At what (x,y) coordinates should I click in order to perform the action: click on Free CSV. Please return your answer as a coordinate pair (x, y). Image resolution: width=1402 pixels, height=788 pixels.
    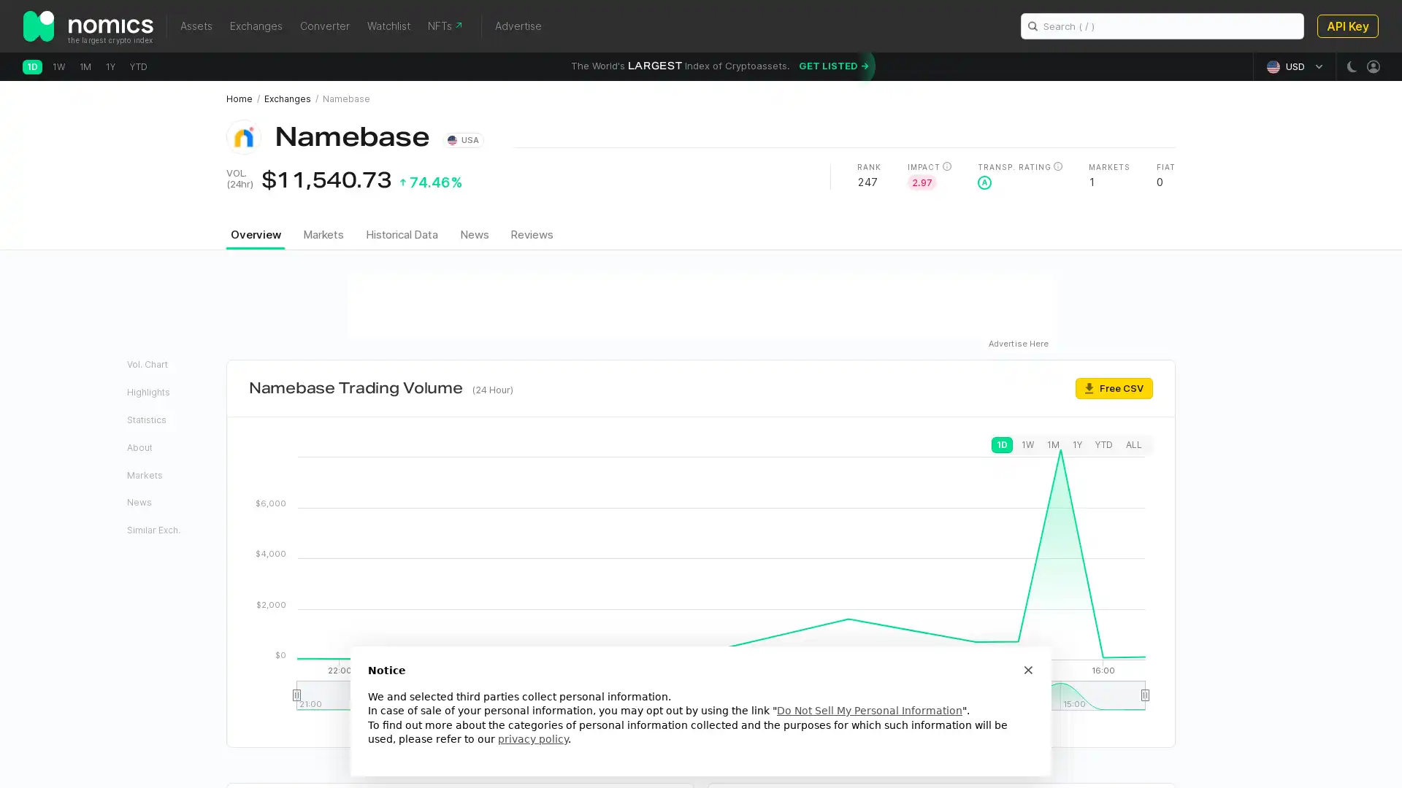
    Looking at the image, I should click on (1114, 387).